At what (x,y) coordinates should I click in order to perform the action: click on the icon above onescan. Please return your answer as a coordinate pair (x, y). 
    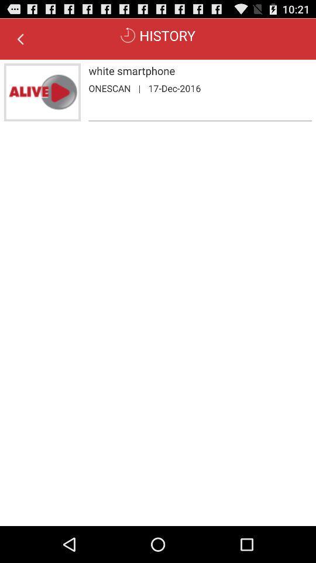
    Looking at the image, I should click on (200, 70).